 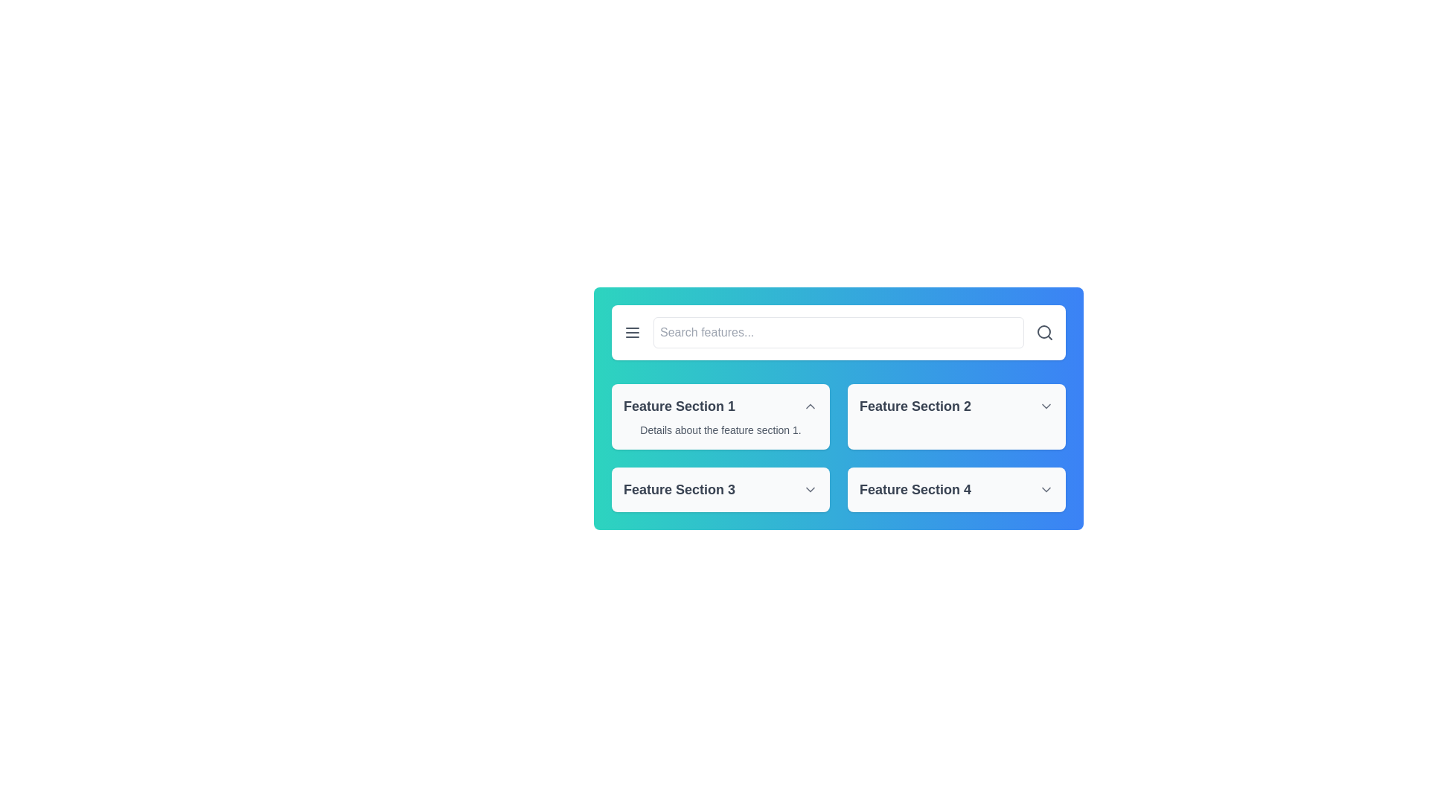 I want to click on the Collapsible Section Header labeled 'Feature Section 3', so click(x=720, y=490).